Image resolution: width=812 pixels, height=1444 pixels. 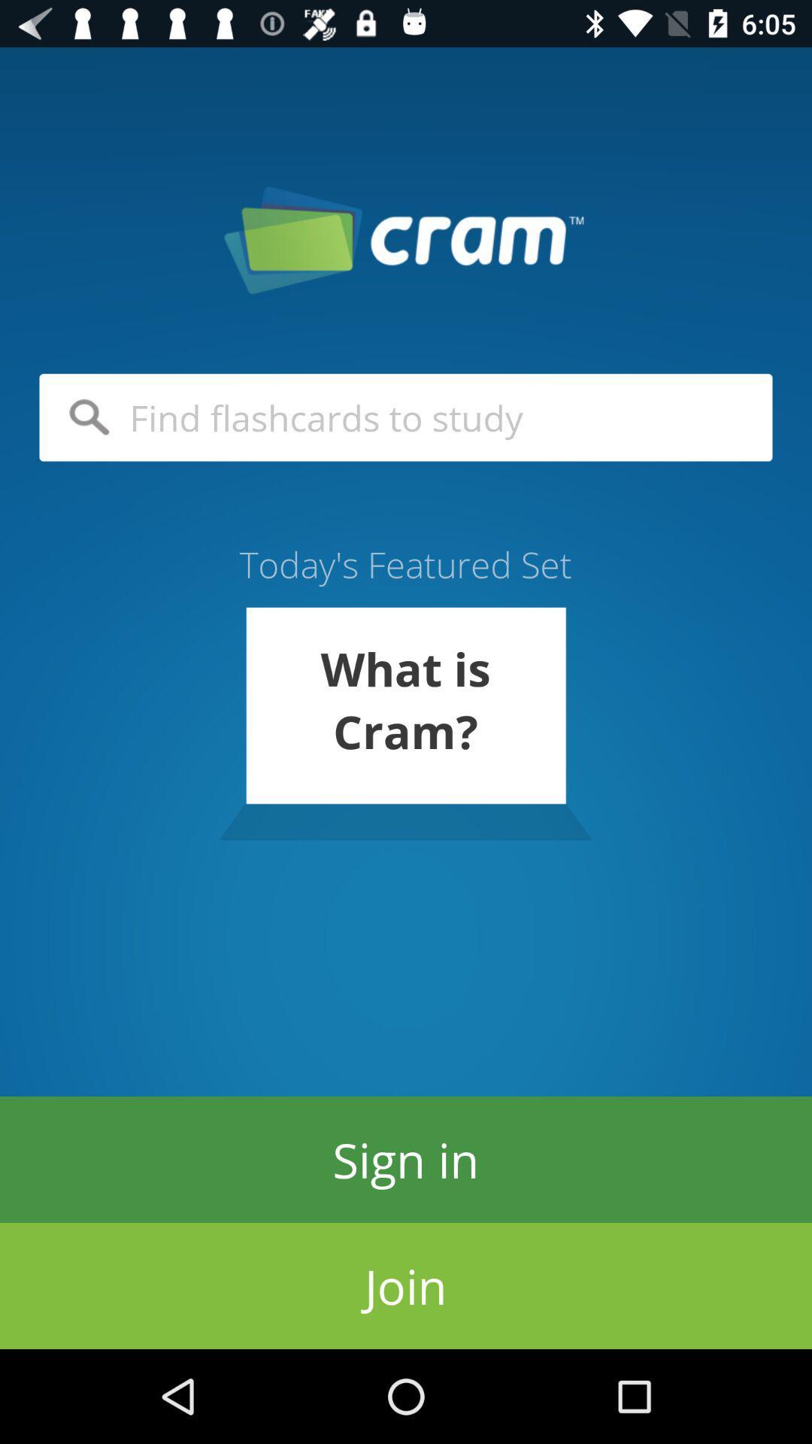 I want to click on icon above the today s featured item, so click(x=406, y=417).